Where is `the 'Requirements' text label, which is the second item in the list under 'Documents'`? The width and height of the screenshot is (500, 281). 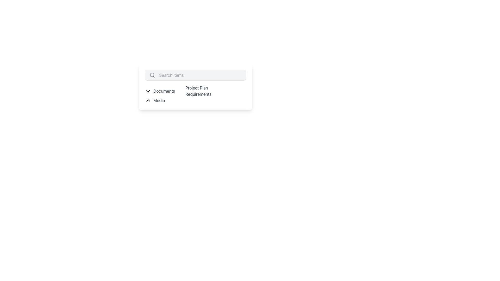
the 'Requirements' text label, which is the second item in the list under 'Documents' is located at coordinates (196, 94).